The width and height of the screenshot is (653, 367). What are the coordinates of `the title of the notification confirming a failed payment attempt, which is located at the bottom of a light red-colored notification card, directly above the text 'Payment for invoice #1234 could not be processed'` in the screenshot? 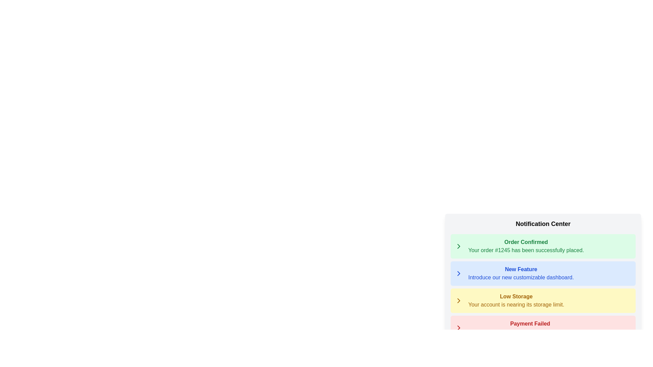 It's located at (530, 323).